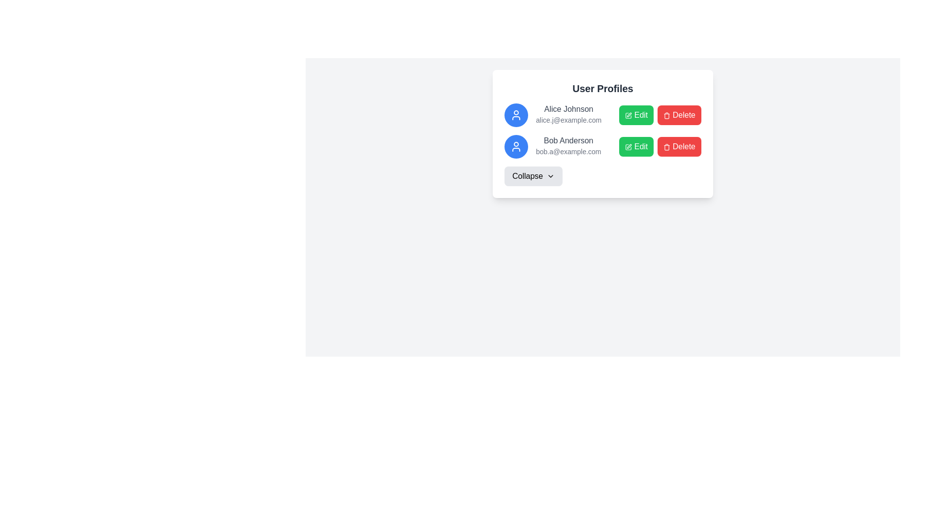  I want to click on the chevron icon located to the right of the 'Collapse' text, so click(550, 176).